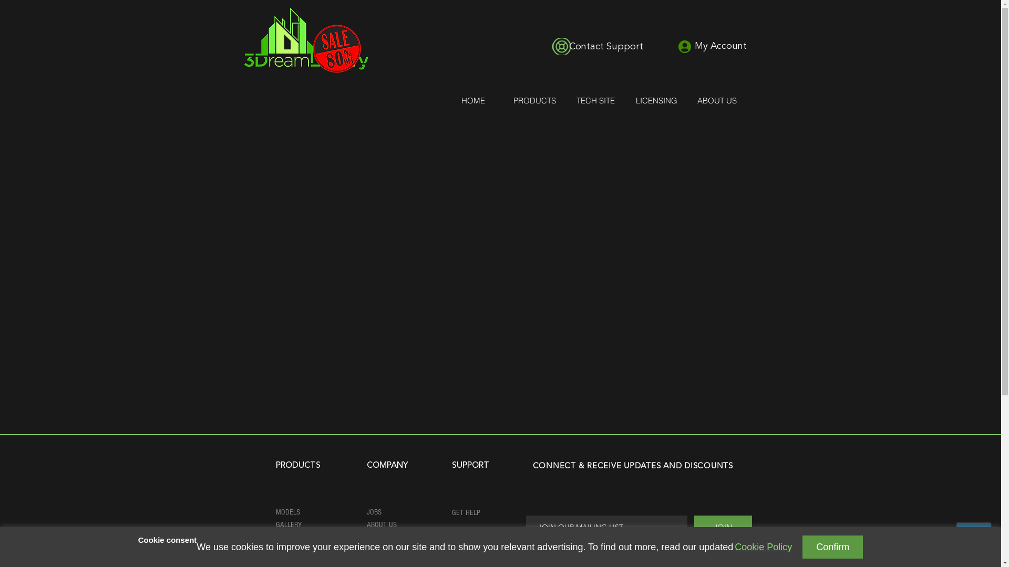 The height and width of the screenshot is (567, 1009). What do you see at coordinates (451, 535) in the screenshot?
I see `'REPORT ISSUE'` at bounding box center [451, 535].